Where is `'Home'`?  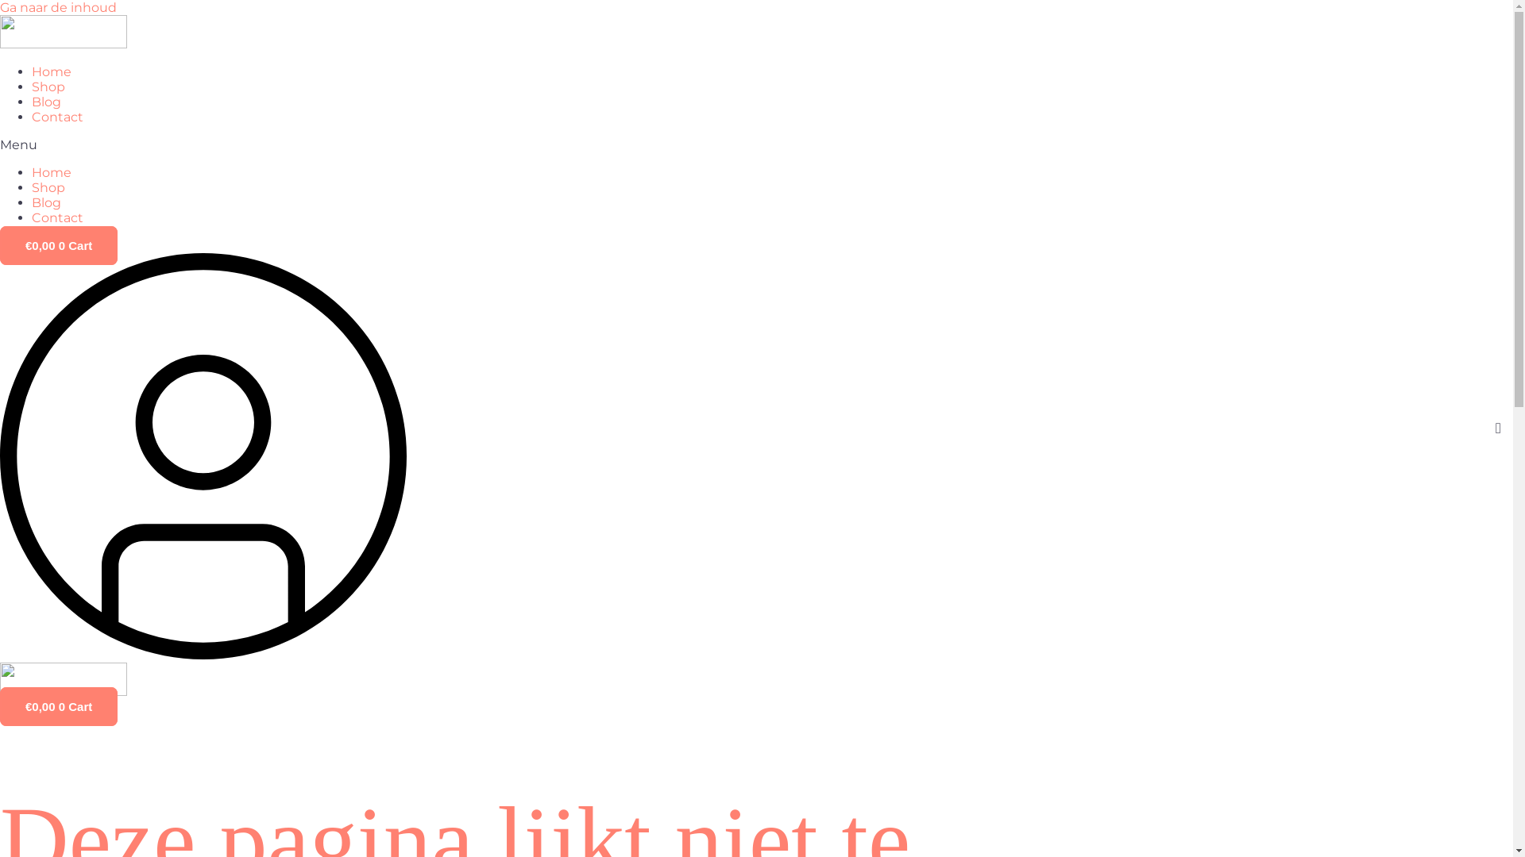
'Home' is located at coordinates (31, 71).